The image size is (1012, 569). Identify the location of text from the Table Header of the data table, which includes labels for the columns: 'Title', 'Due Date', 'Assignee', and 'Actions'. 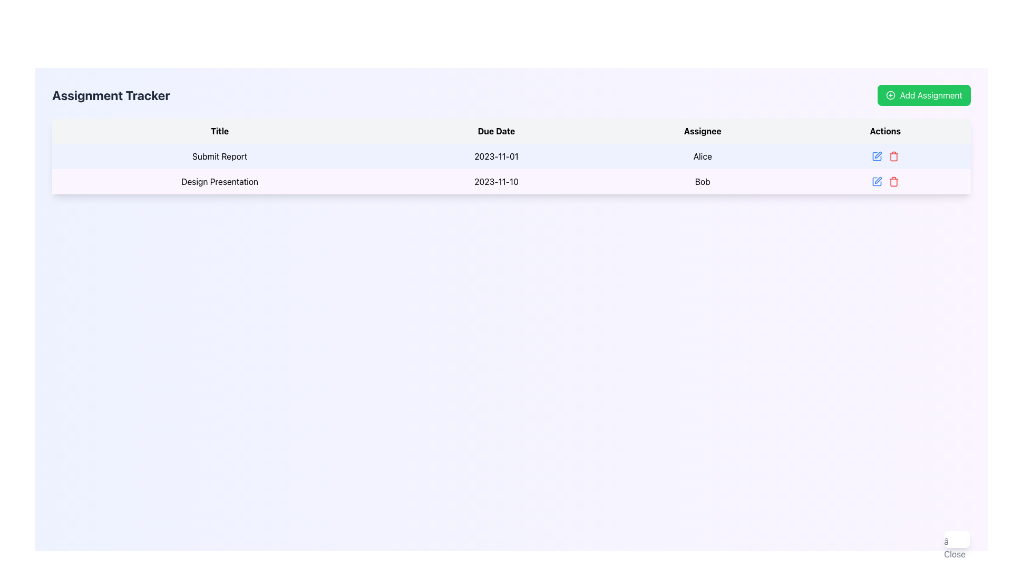
(511, 131).